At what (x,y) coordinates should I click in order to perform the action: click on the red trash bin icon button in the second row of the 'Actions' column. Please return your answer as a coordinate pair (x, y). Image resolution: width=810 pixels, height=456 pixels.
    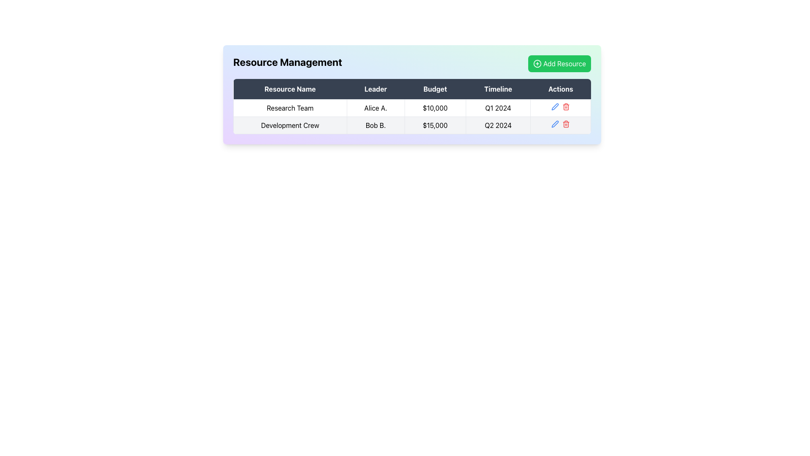
    Looking at the image, I should click on (566, 106).